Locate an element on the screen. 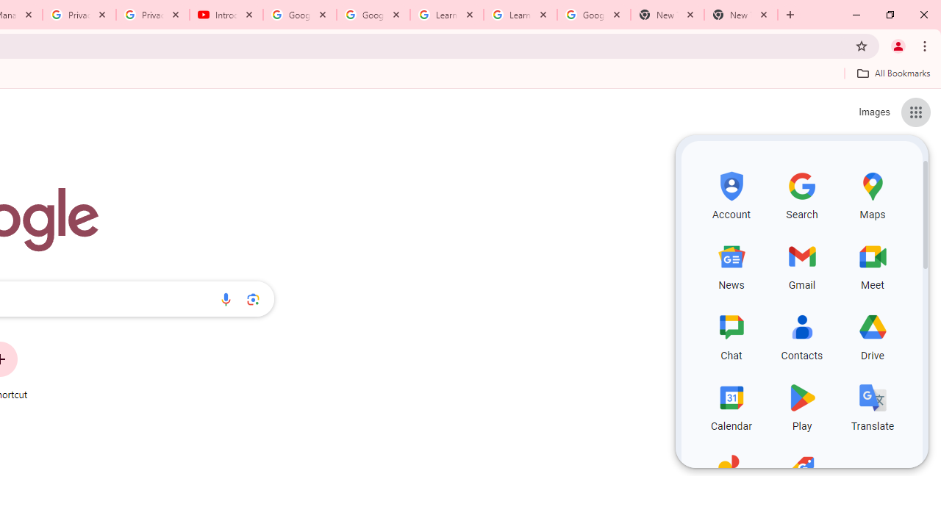 This screenshot has width=941, height=529. 'Google Account Help' is located at coordinates (299, 15).